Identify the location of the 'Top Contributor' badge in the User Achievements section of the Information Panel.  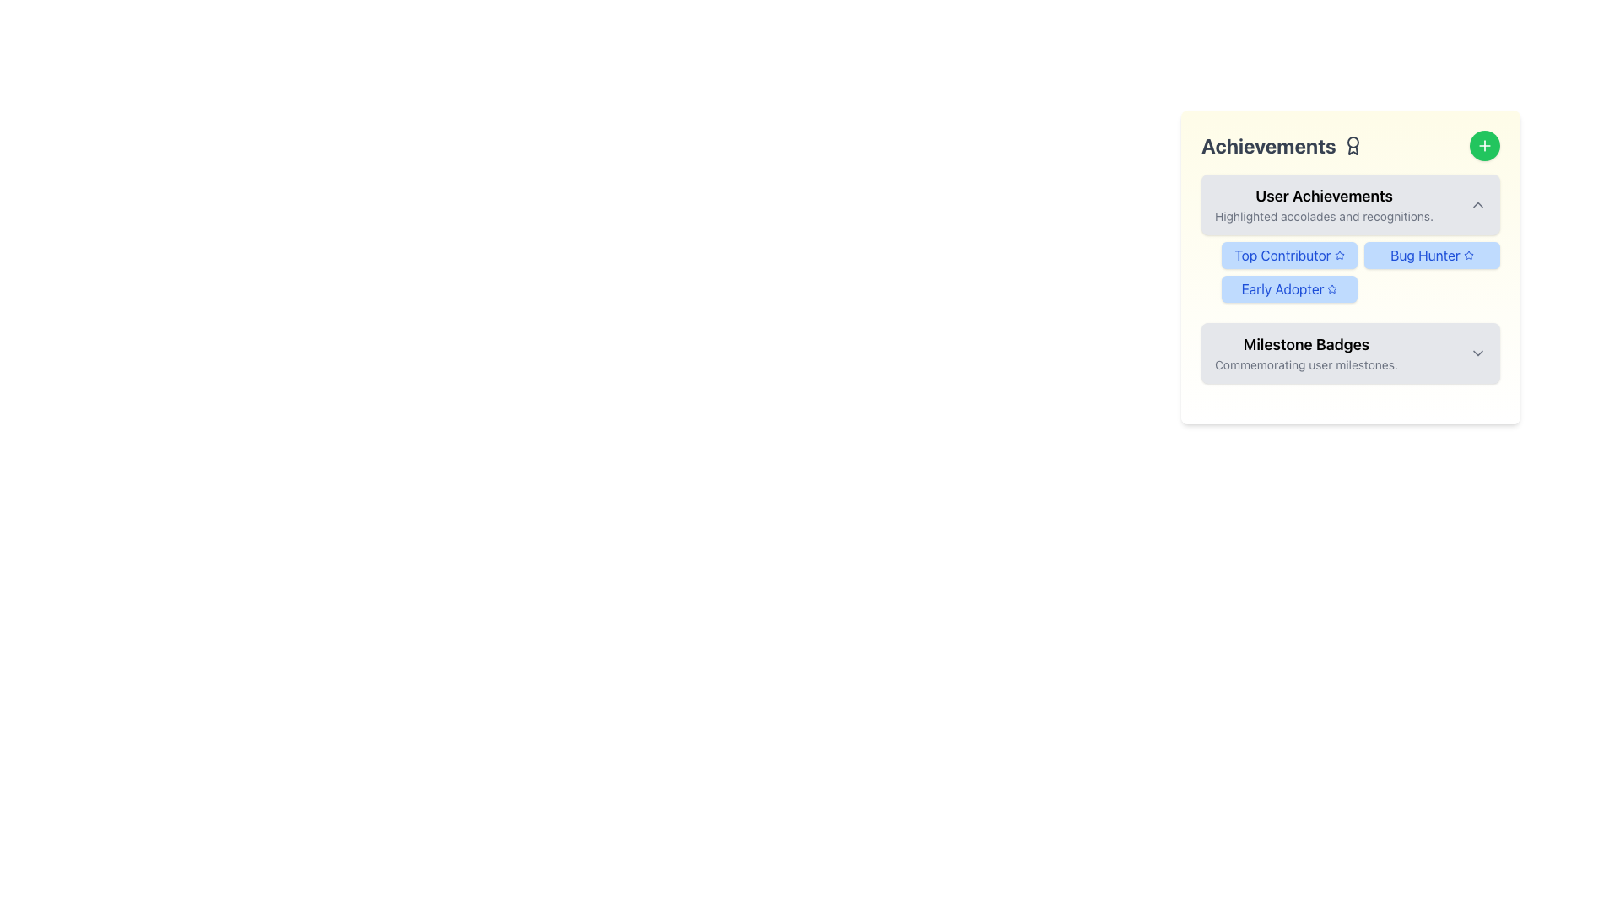
(1351, 238).